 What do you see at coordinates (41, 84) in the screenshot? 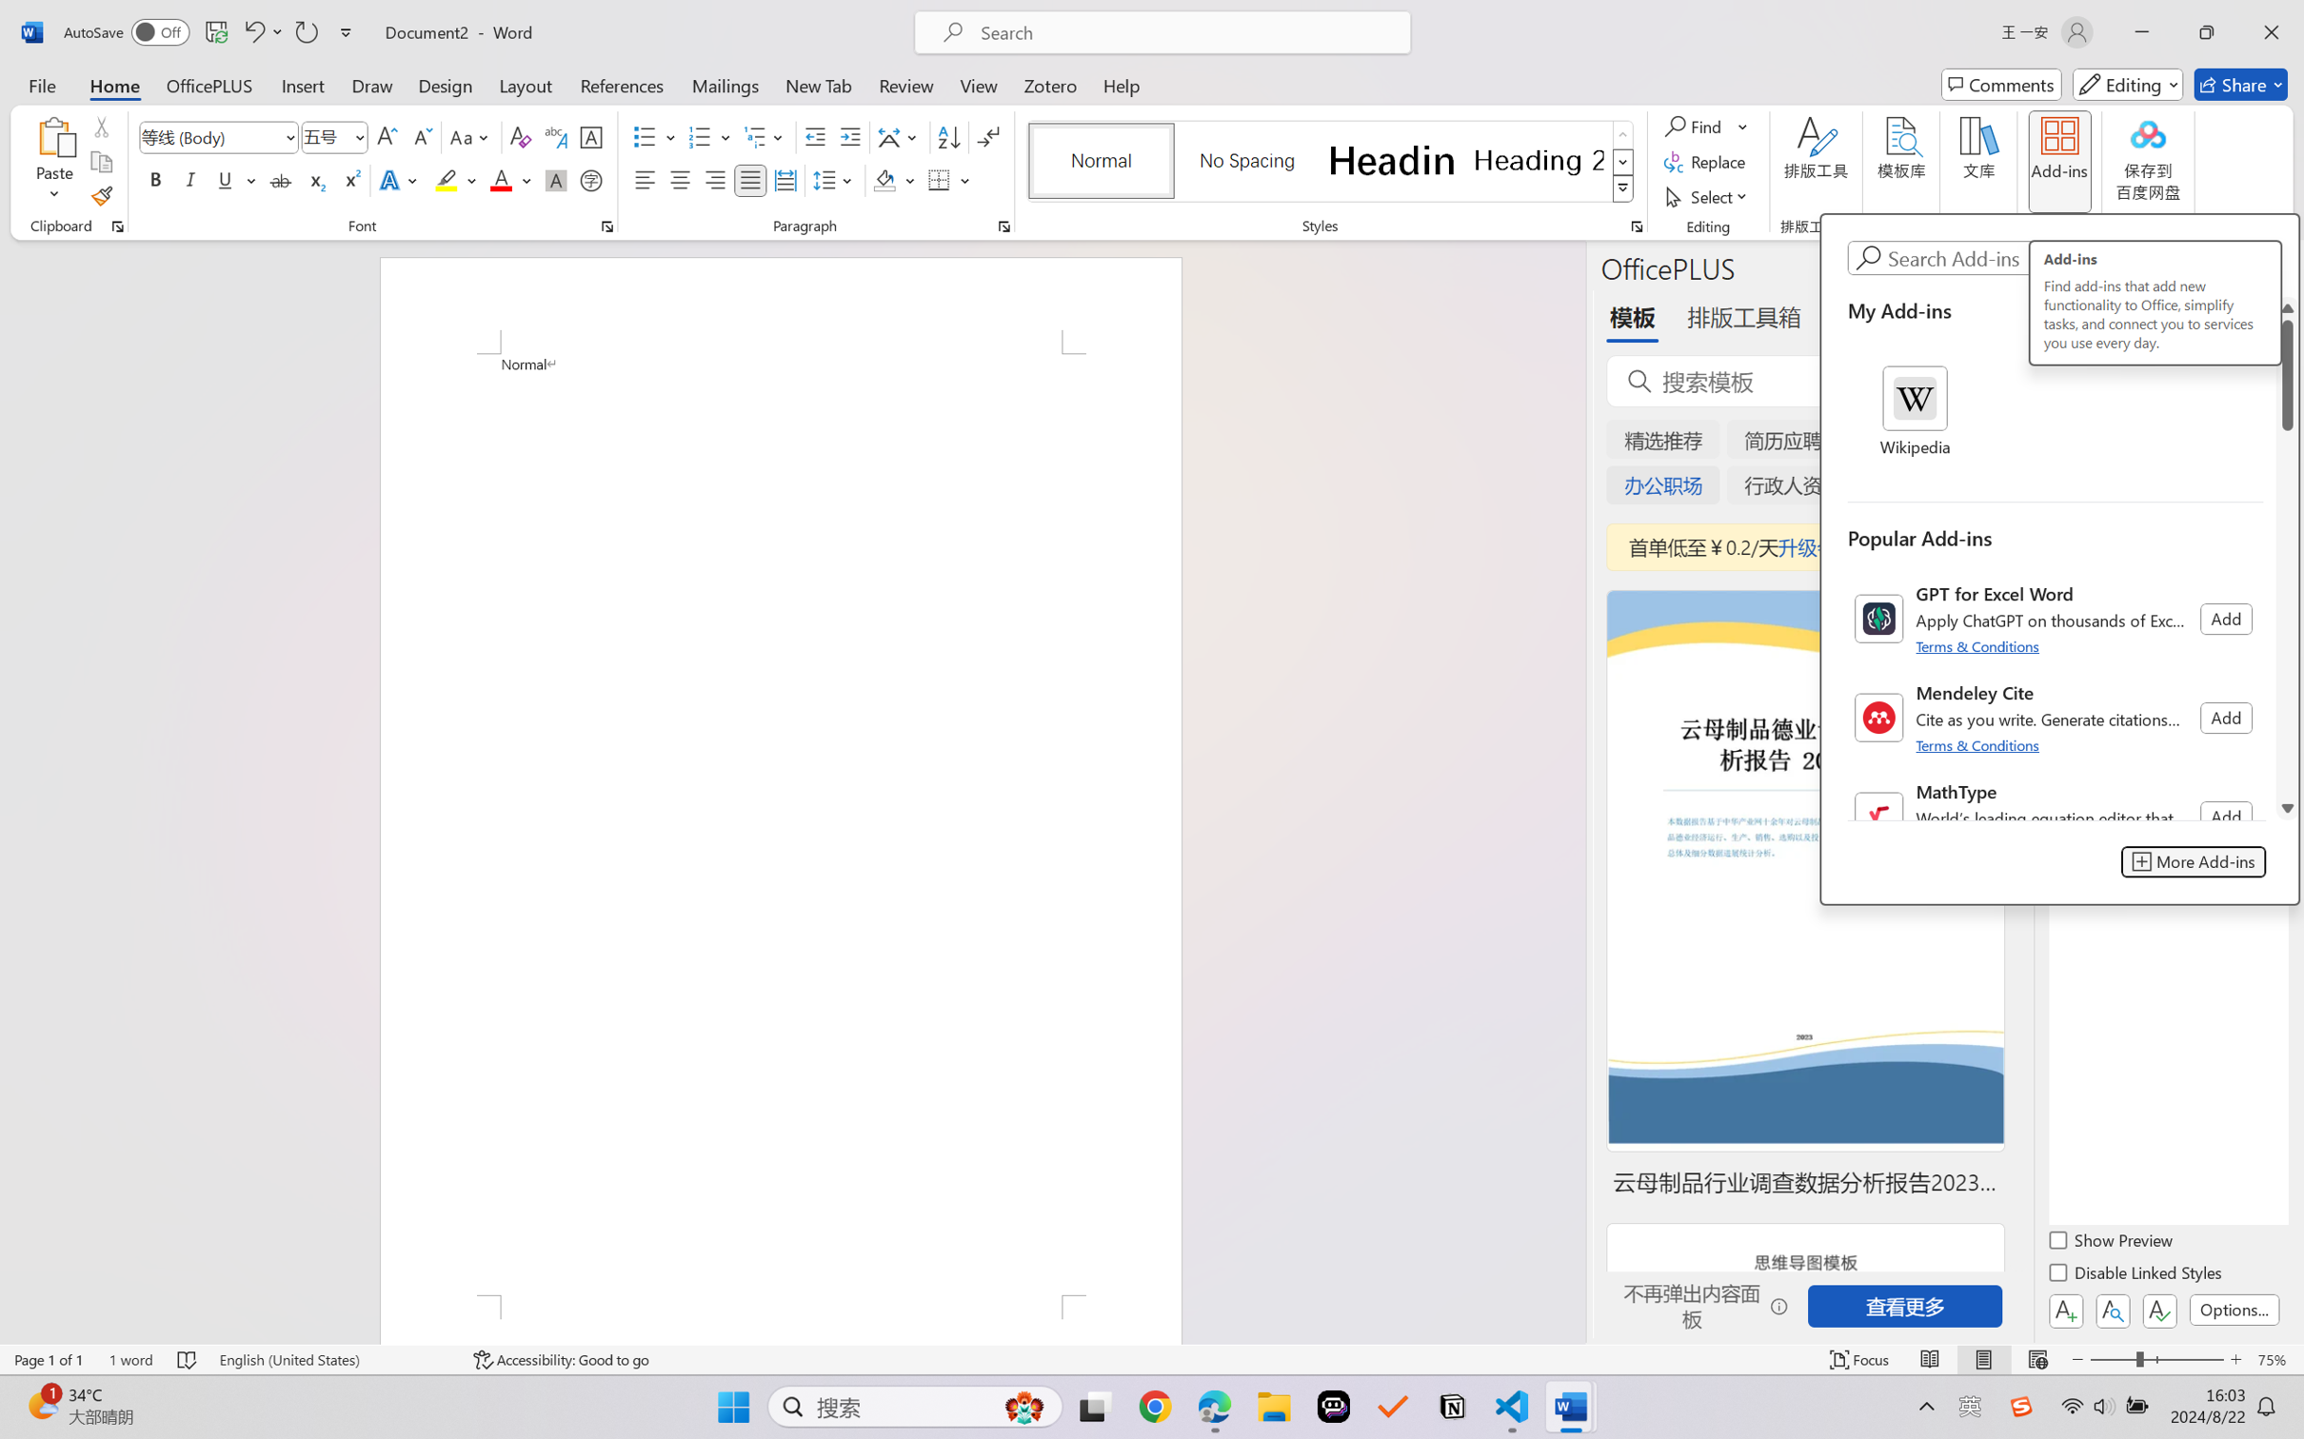
I see `'File Tab'` at bounding box center [41, 84].